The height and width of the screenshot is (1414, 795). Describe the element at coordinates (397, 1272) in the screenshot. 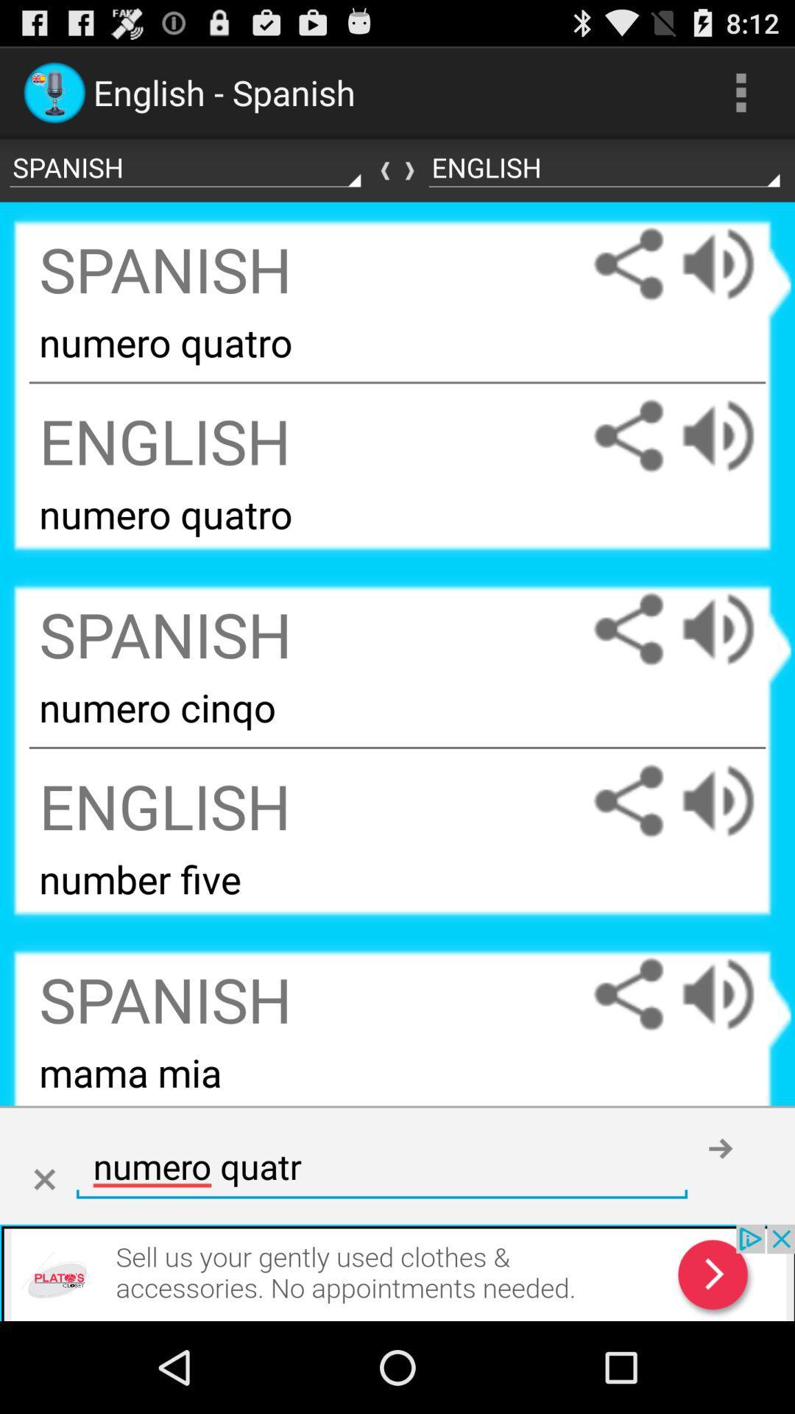

I see `advertisement` at that location.